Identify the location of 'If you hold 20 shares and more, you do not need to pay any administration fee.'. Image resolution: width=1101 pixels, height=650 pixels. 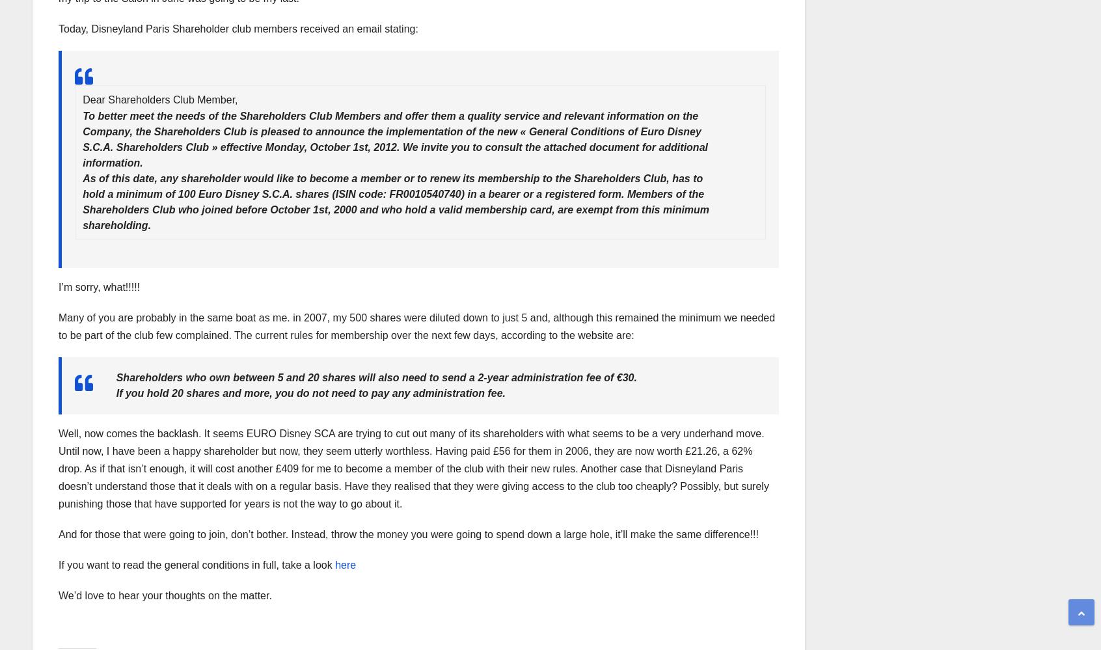
(310, 393).